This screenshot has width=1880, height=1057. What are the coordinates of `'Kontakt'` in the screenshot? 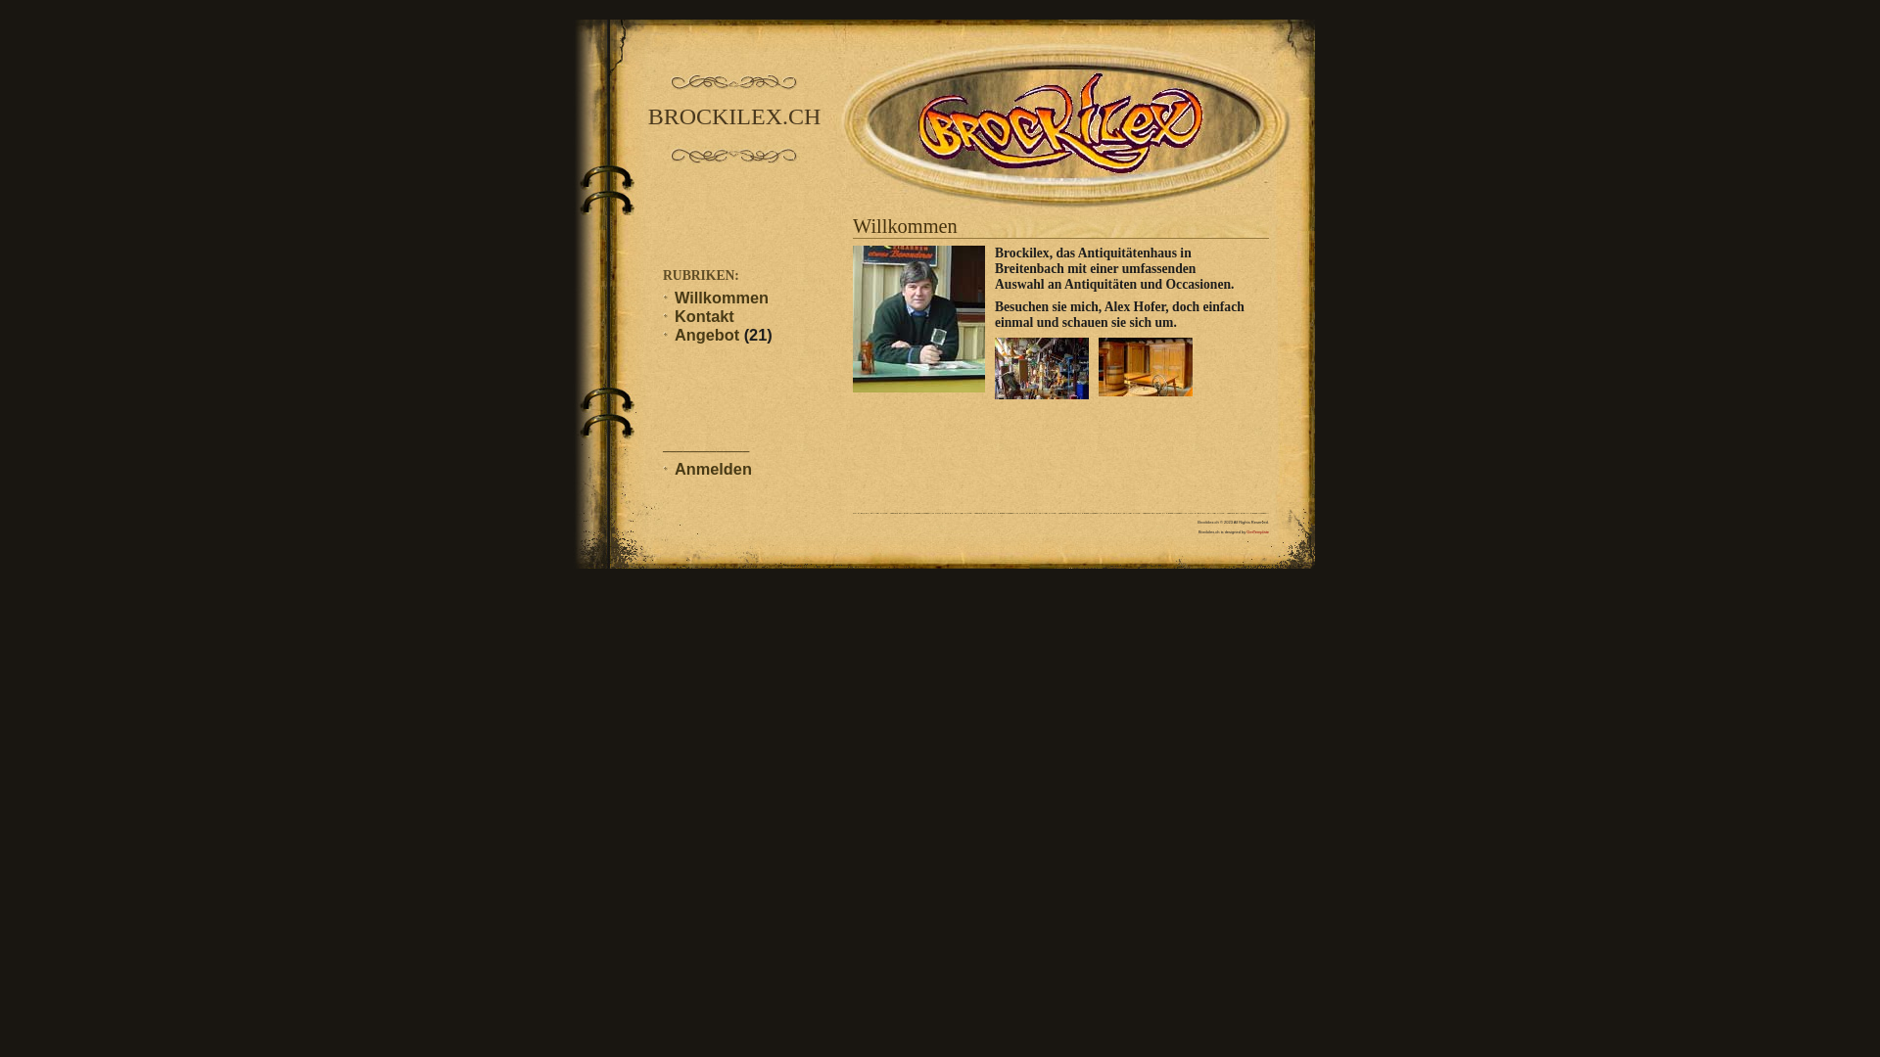 It's located at (704, 315).